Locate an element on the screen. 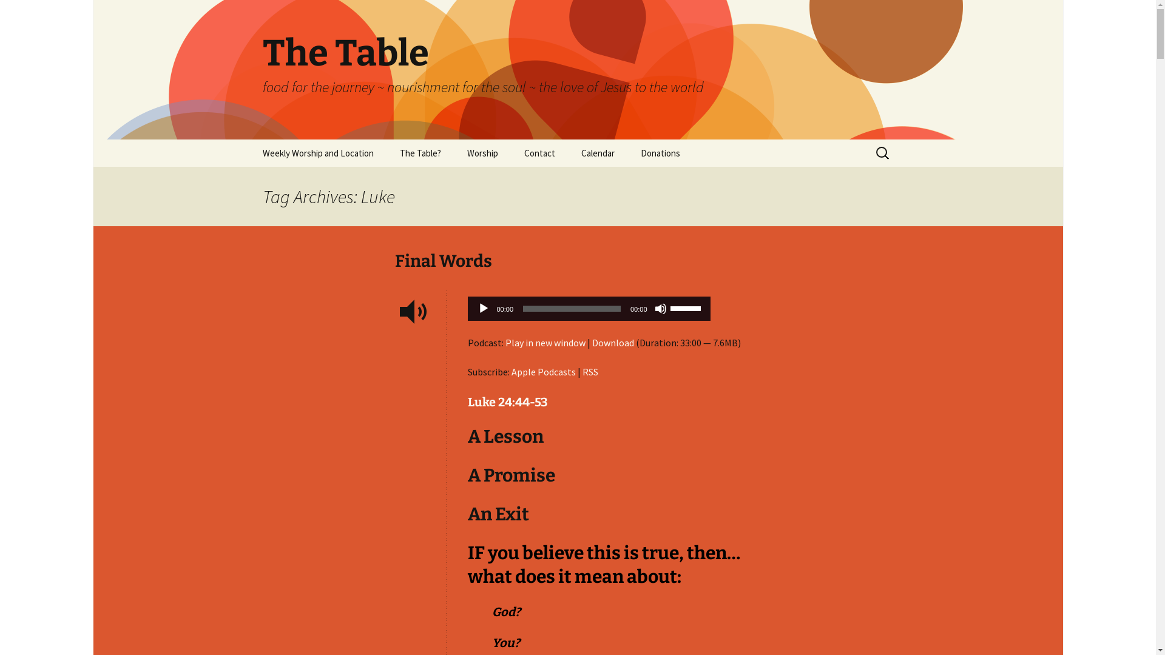 The height and width of the screenshot is (655, 1165). 'Contact' is located at coordinates (512, 152).